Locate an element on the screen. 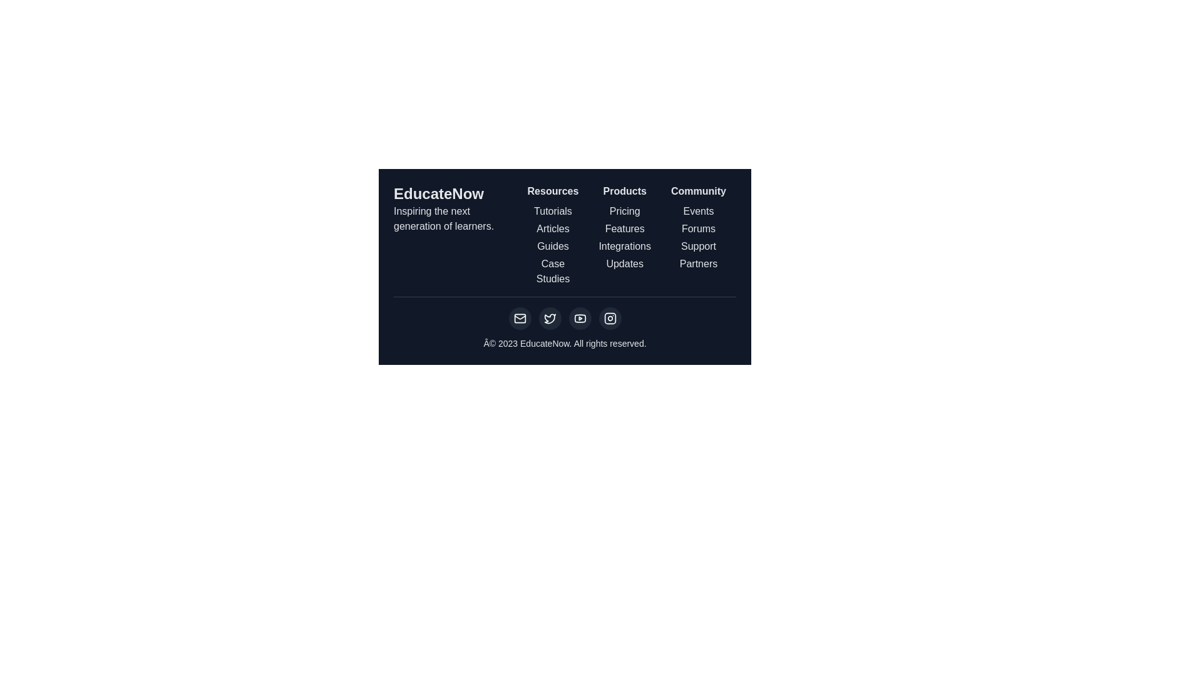 This screenshot has width=1202, height=676. the 'Partners' text link, which is the last item in the vertical list under the 'Community' column of the footer layout is located at coordinates (698, 263).